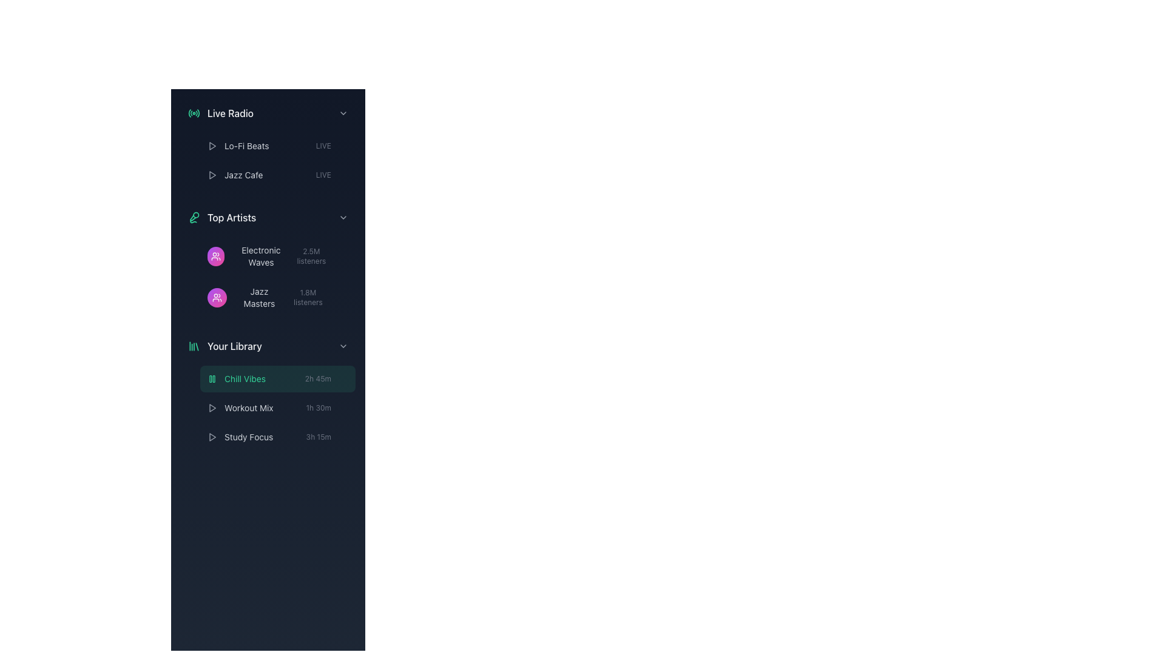 This screenshot has width=1165, height=655. I want to click on the hyperlinked navigation item labeled 'Your Library' which has a green library icon, located in the vertical menu below 'Top Artists' and above 'Chill Vibes', so click(225, 346).